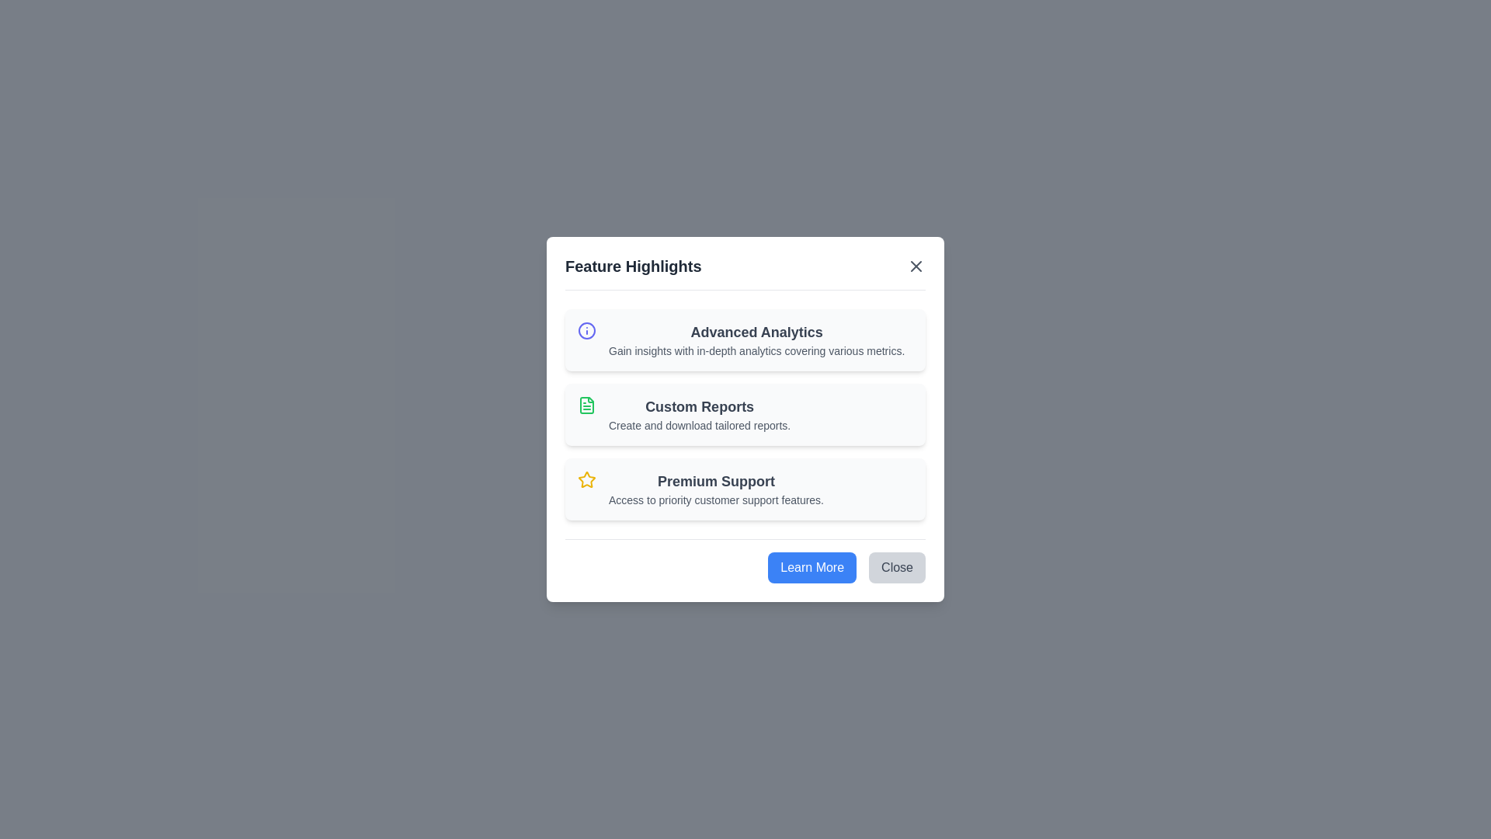 The width and height of the screenshot is (1491, 839). What do you see at coordinates (745, 419) in the screenshot?
I see `text on the 'Custom Reports' Feature card, which is the second card in a vertically stacked list of three cards within a centered modal, located below 'Advanced Analytics' and above 'Premium Support'` at bounding box center [745, 419].